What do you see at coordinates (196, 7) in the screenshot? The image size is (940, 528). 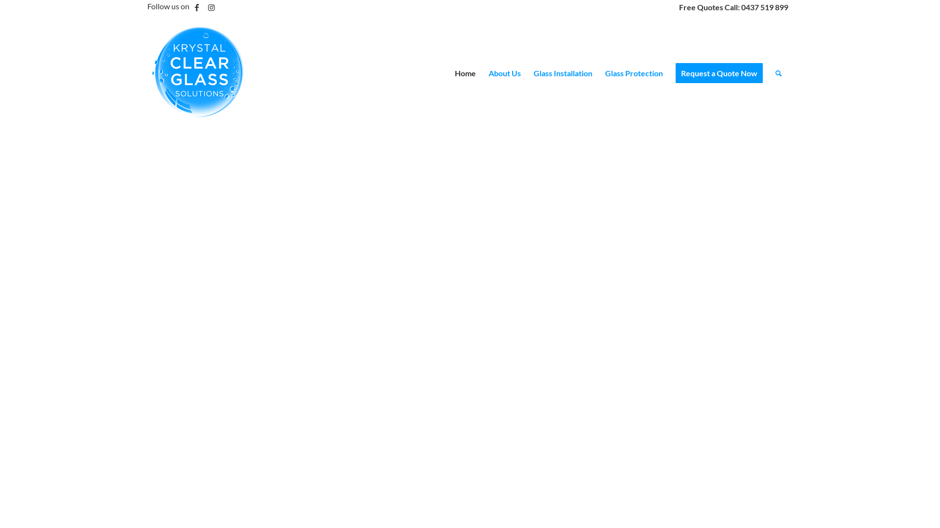 I see `'Facebook'` at bounding box center [196, 7].